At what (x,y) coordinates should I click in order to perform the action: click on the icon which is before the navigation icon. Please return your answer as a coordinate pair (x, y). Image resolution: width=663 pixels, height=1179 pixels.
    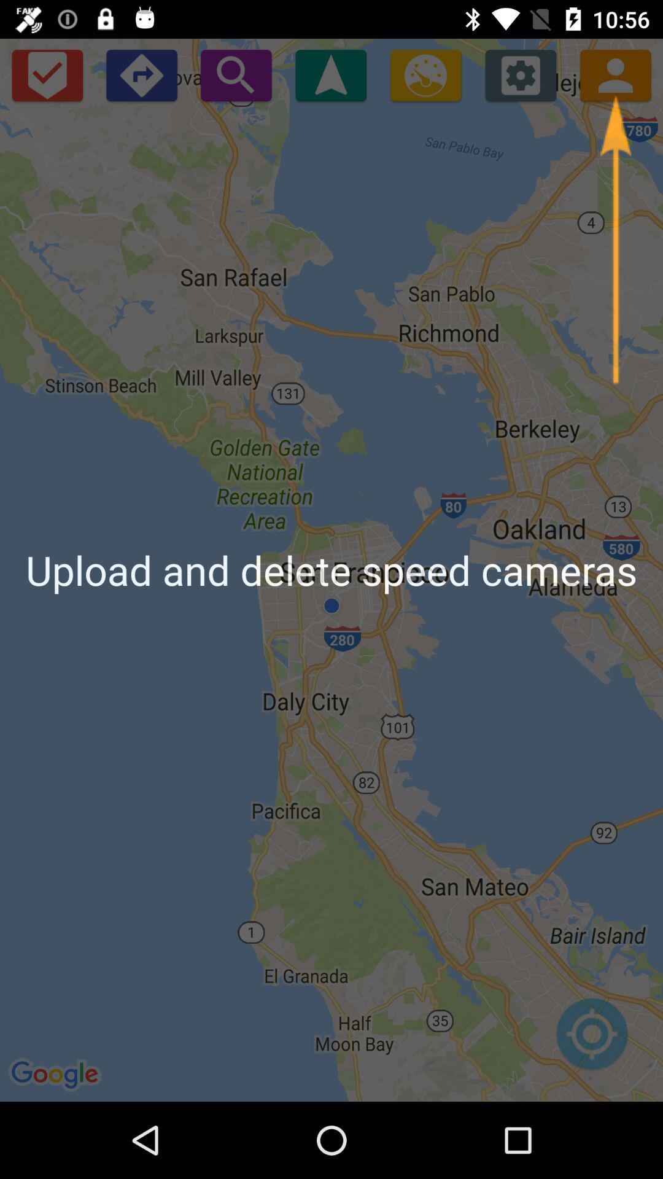
    Looking at the image, I should click on (236, 74).